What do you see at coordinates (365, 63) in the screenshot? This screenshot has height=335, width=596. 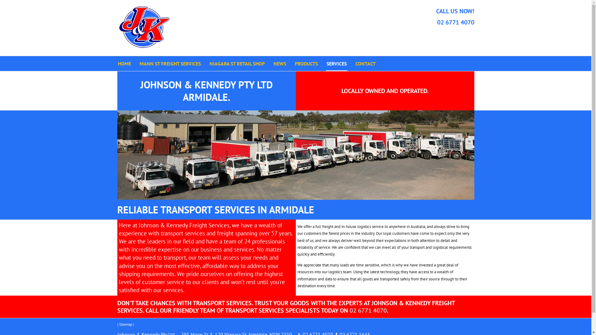 I see `'CONTACT'` at bounding box center [365, 63].